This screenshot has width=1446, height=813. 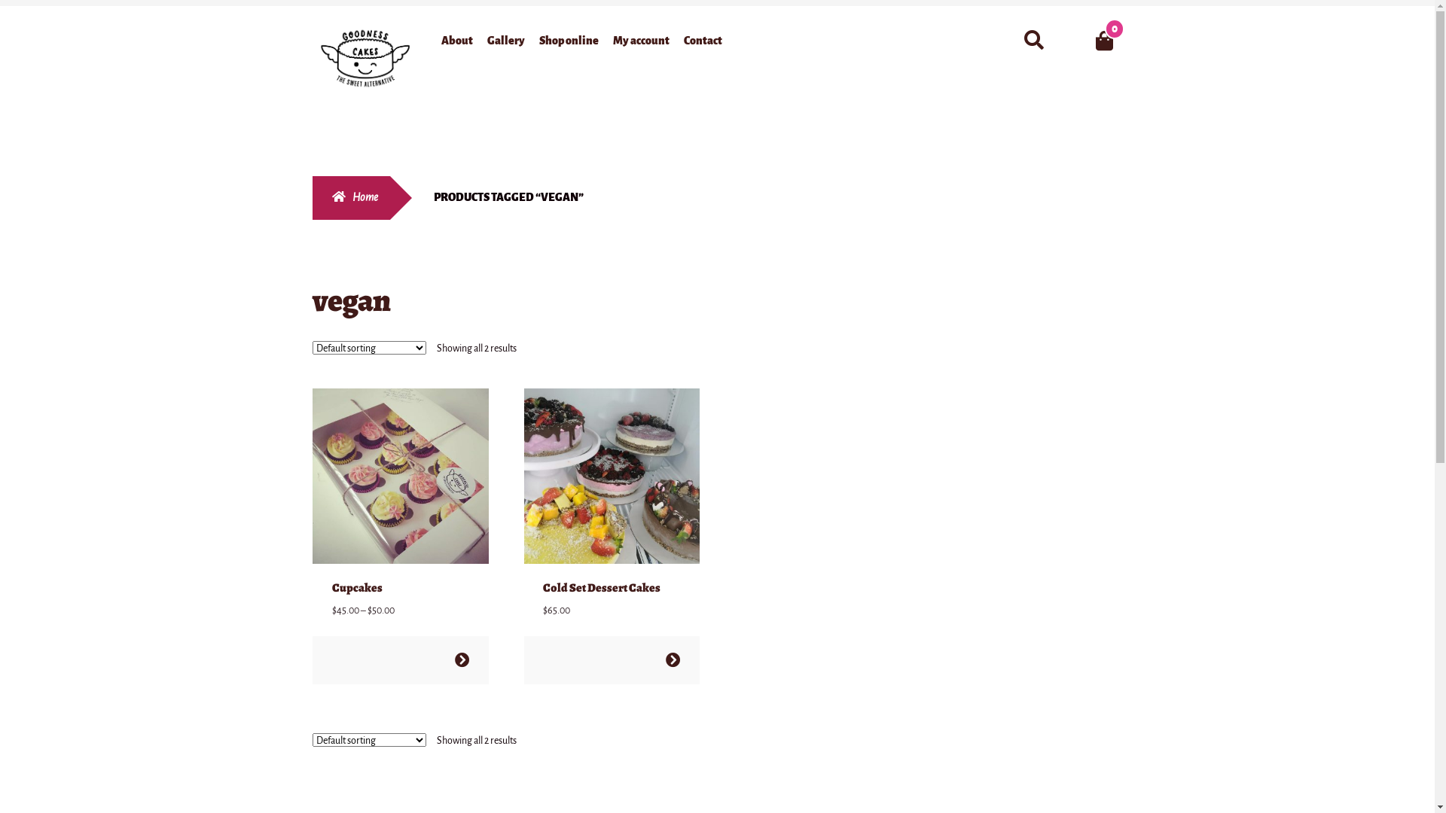 What do you see at coordinates (568, 42) in the screenshot?
I see `'Shop online'` at bounding box center [568, 42].